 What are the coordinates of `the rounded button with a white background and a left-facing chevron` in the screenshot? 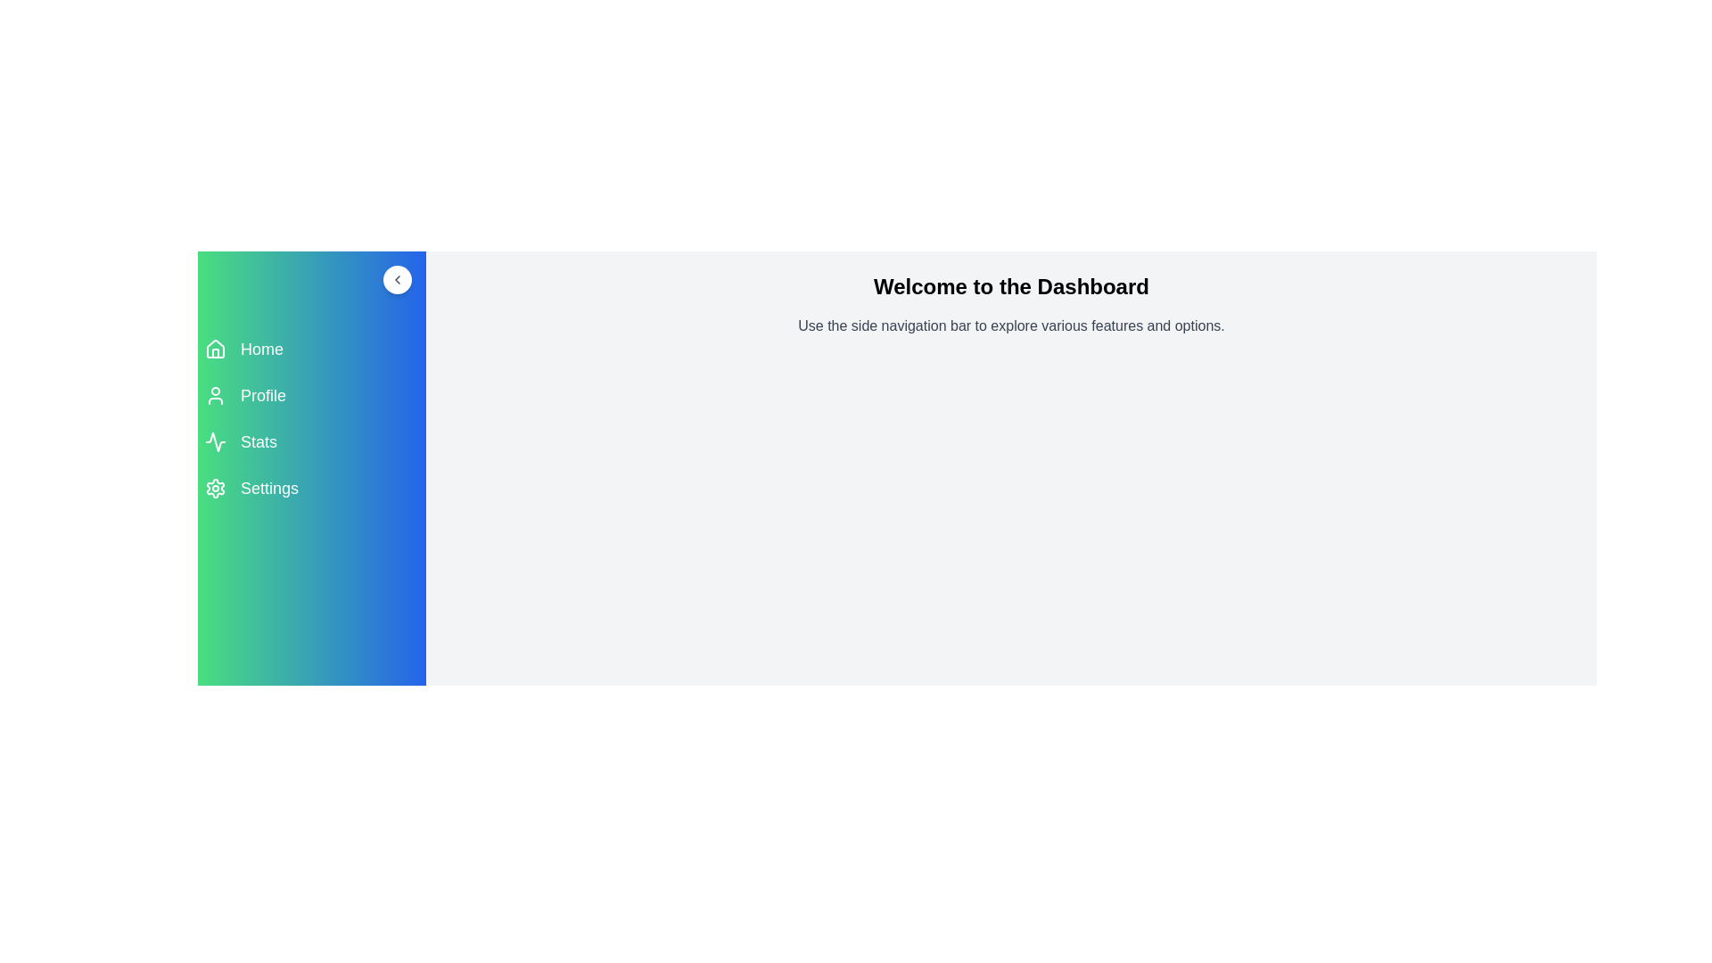 It's located at (397, 279).